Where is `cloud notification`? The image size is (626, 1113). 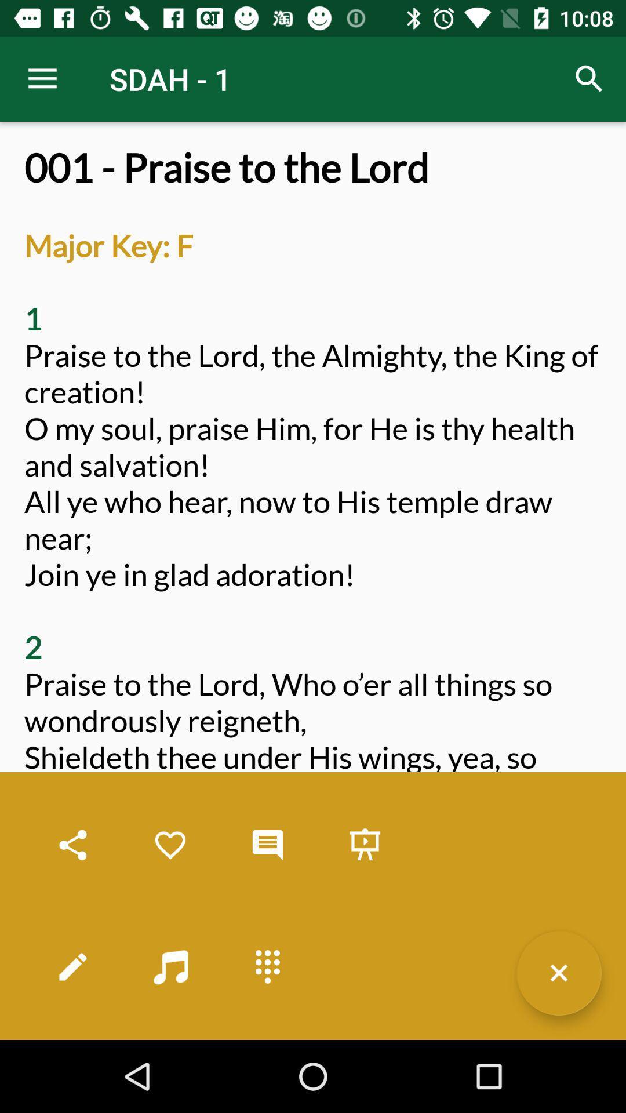 cloud notification is located at coordinates (268, 845).